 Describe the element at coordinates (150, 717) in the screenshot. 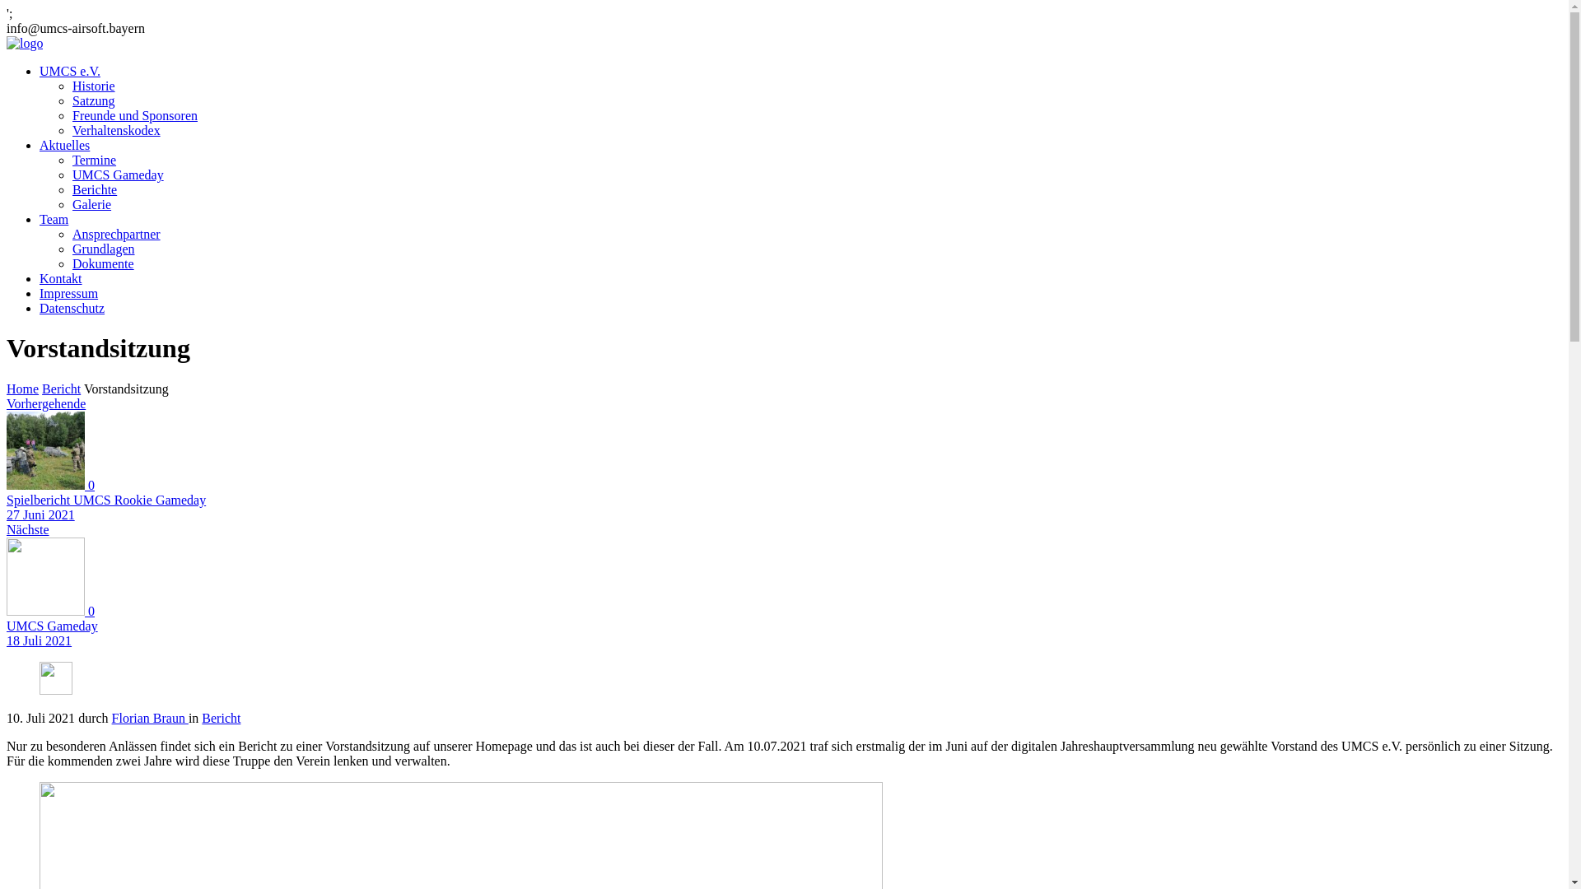

I see `'Florian Braun'` at that location.